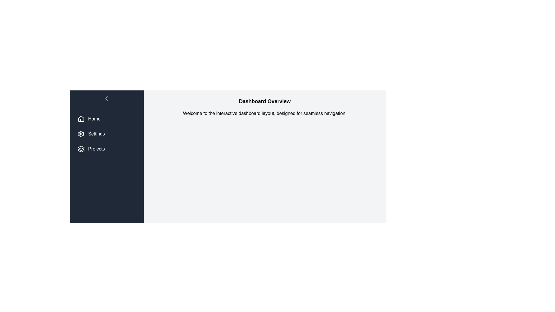  Describe the element at coordinates (94, 119) in the screenshot. I see `text of the 'Home' navigation button label located in the first navigation button of the vertical navigation sidebar on the left` at that location.